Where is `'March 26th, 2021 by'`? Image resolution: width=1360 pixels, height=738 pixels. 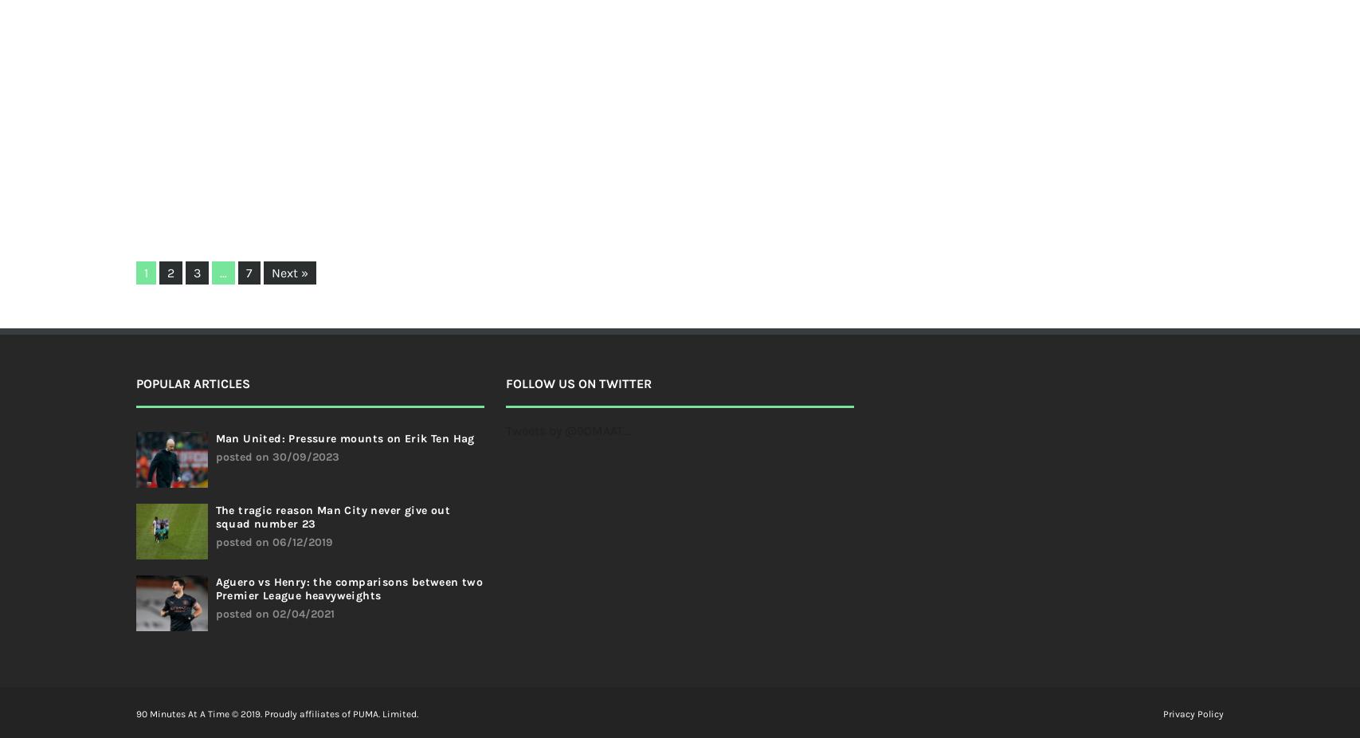
'March 26th, 2021 by' is located at coordinates (457, 115).